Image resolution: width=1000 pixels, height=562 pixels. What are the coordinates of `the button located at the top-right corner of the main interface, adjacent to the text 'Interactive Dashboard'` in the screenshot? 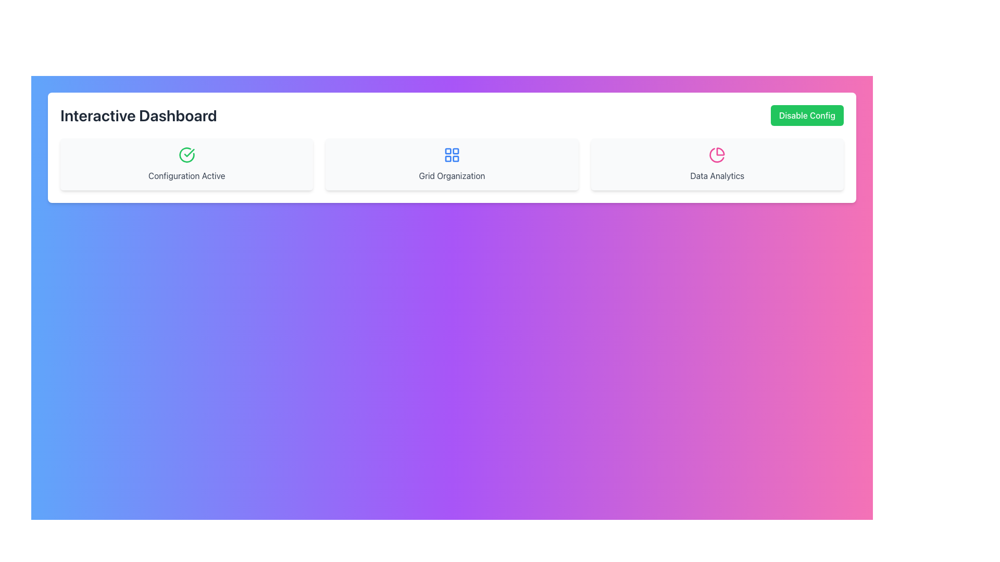 It's located at (807, 116).